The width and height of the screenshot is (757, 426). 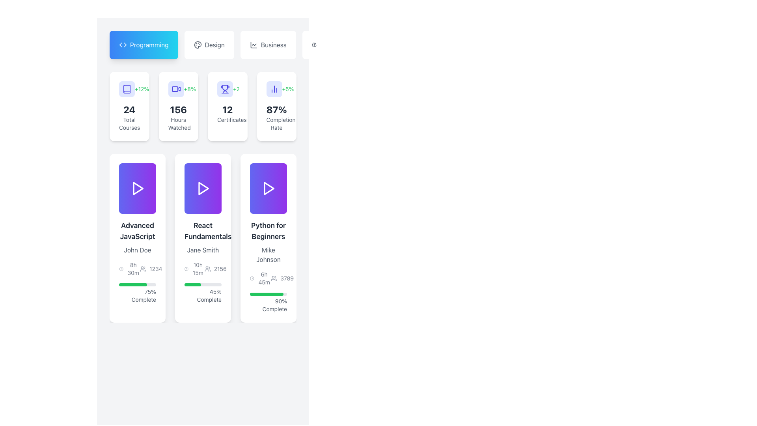 What do you see at coordinates (127, 89) in the screenshot?
I see `the blue rounded rectangle icon containing a book icon, located above the '24 Total Courses' text, if it becomes interactive` at bounding box center [127, 89].